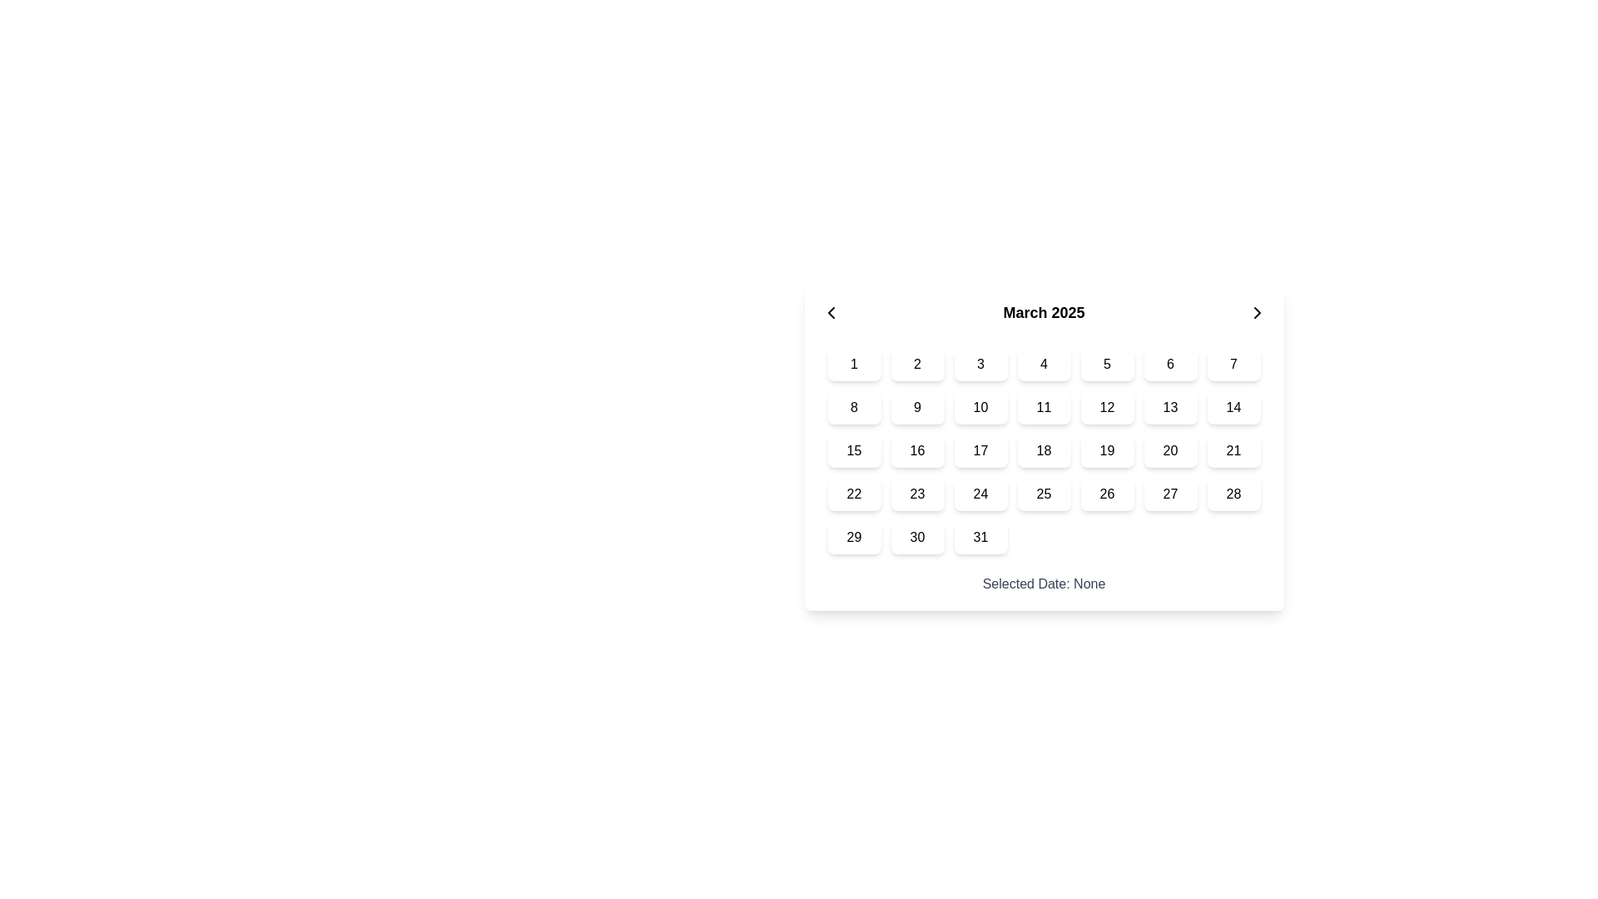  Describe the element at coordinates (854, 407) in the screenshot. I see `the button that allows users to select the number '8' in the calendar interface under 'March 2025'` at that location.